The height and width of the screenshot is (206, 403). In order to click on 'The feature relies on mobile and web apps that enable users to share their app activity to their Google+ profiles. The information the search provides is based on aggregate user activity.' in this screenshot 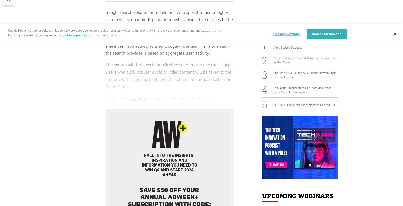, I will do `click(167, 46)`.